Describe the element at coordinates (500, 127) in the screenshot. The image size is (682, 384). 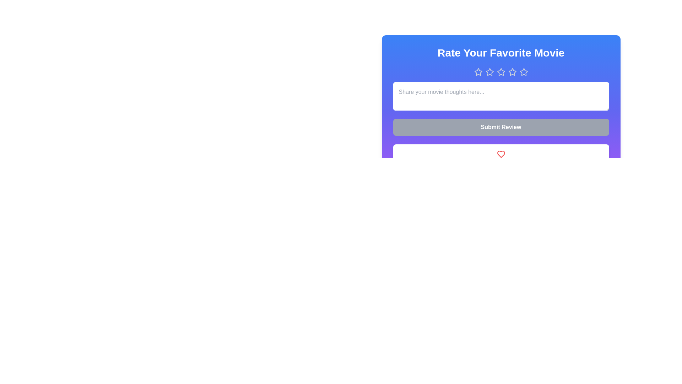
I see `the 'Submit Review' button to submit the review` at that location.